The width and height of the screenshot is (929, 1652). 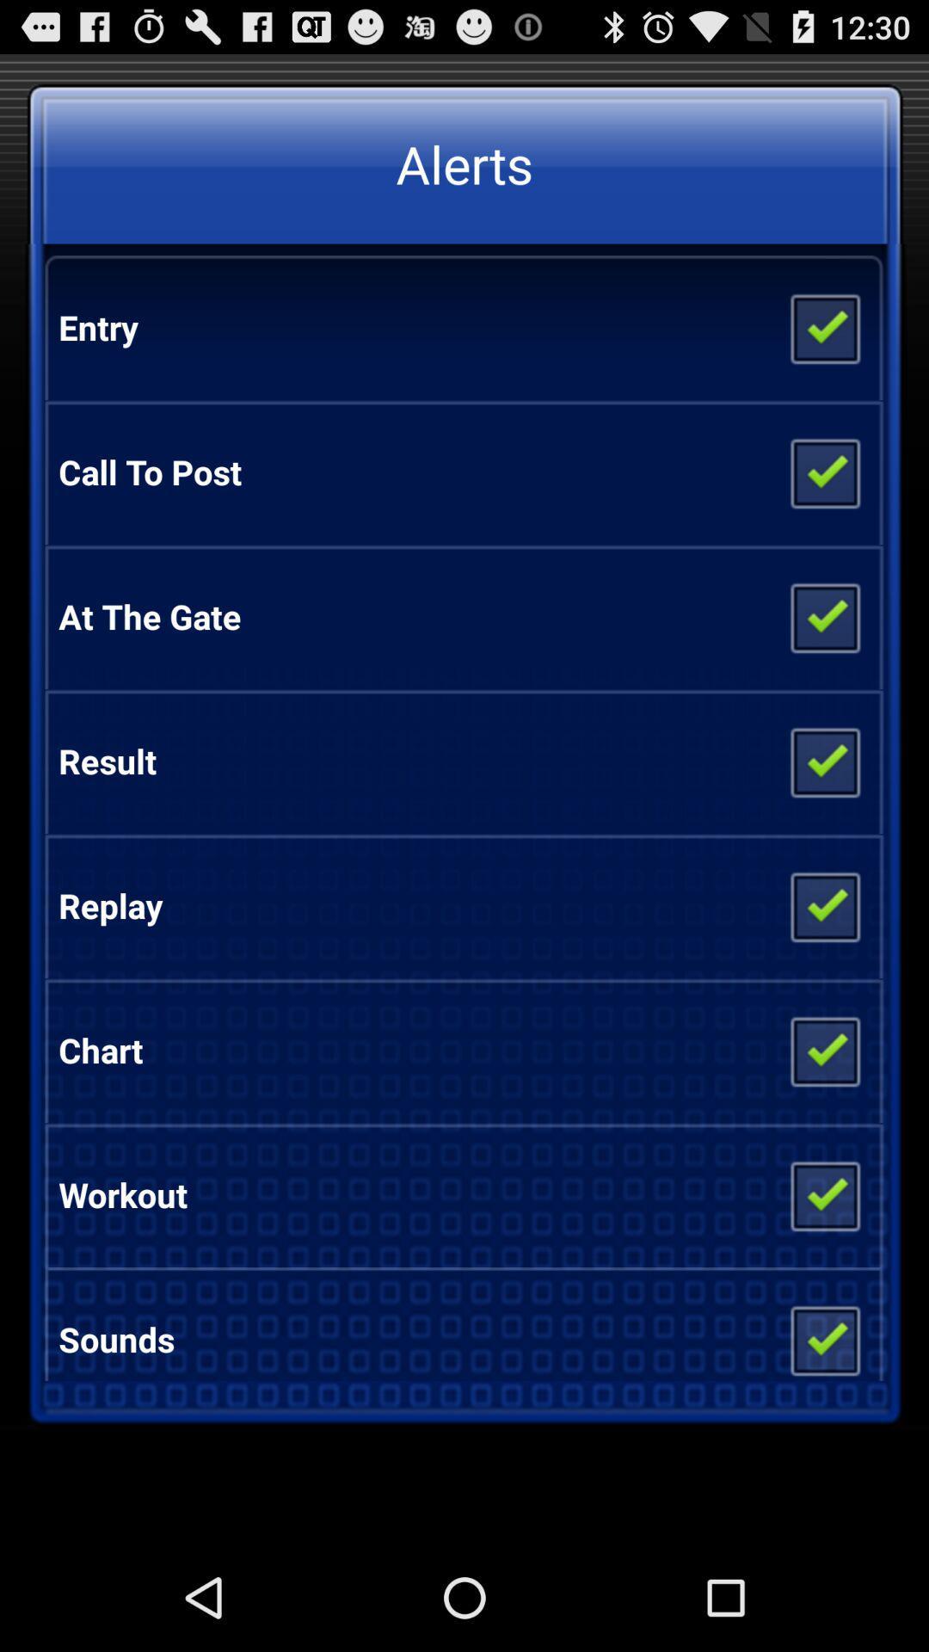 What do you see at coordinates (823, 1193) in the screenshot?
I see `click option` at bounding box center [823, 1193].